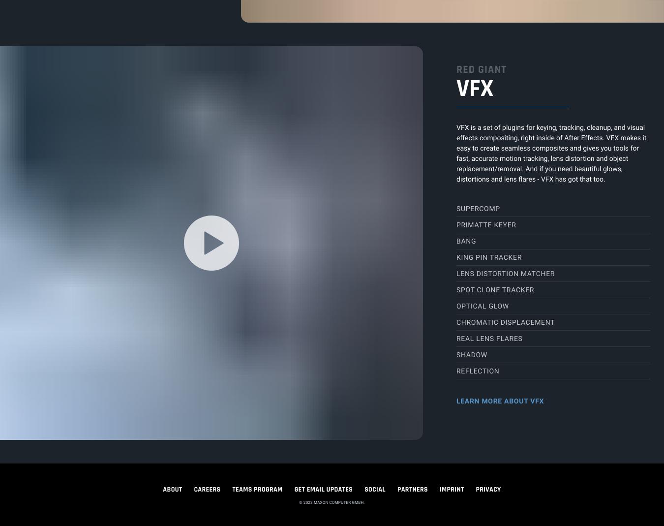 The width and height of the screenshot is (664, 526). I want to click on 'IMPRINT', so click(451, 489).